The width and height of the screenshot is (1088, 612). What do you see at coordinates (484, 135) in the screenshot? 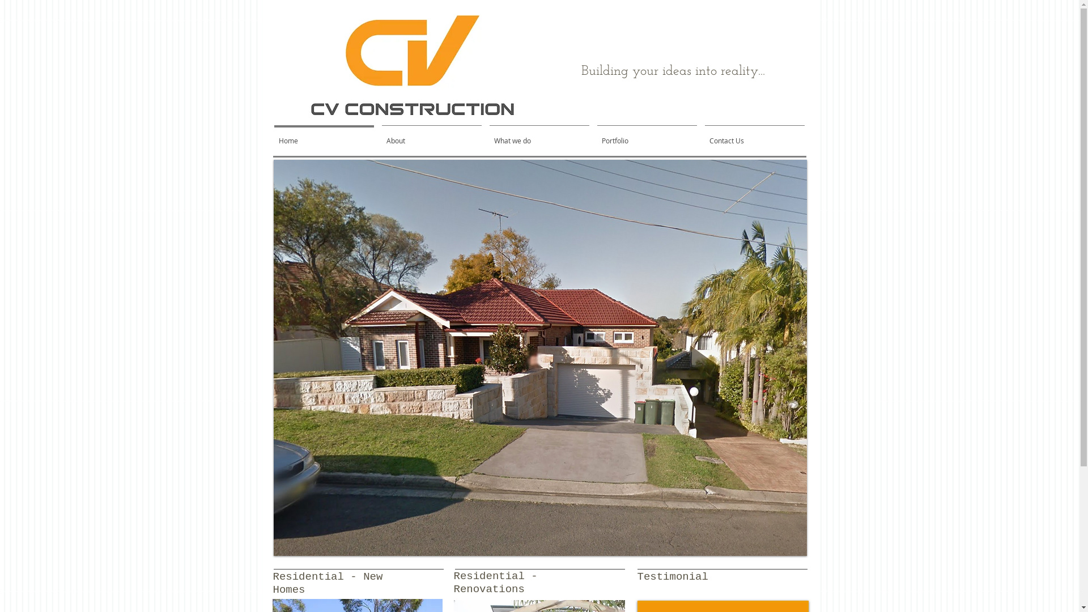
I see `'What we do'` at bounding box center [484, 135].